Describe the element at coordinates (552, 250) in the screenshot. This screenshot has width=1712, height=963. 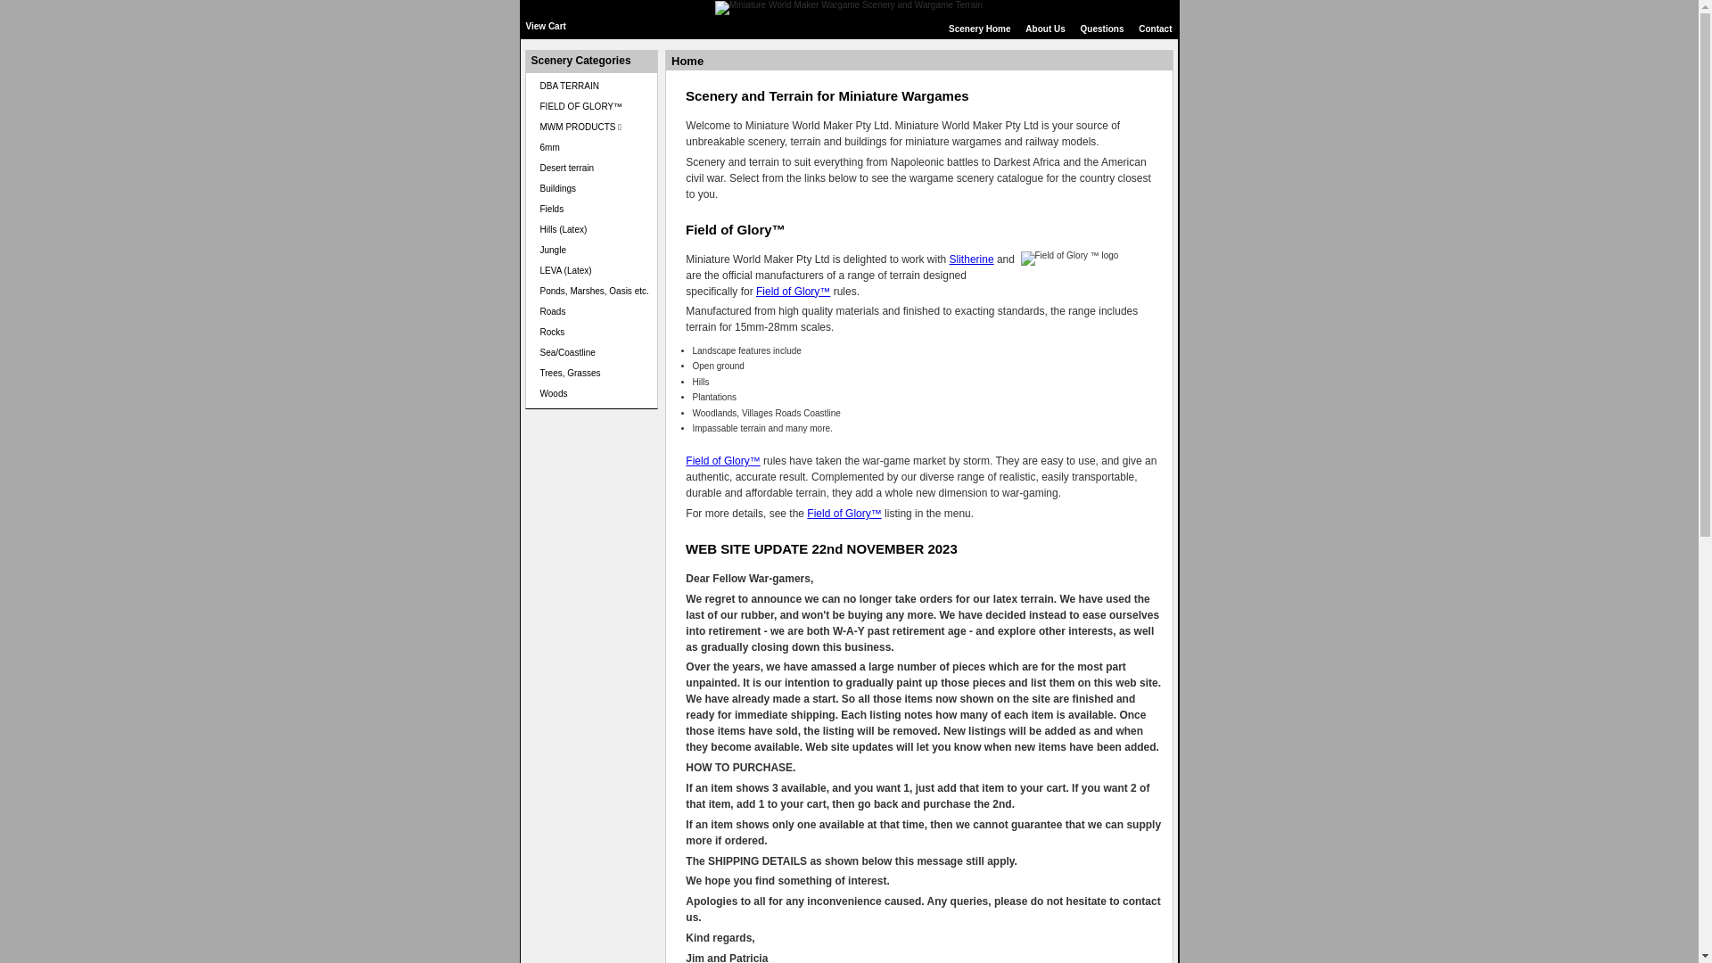
I see `'Jungle'` at that location.